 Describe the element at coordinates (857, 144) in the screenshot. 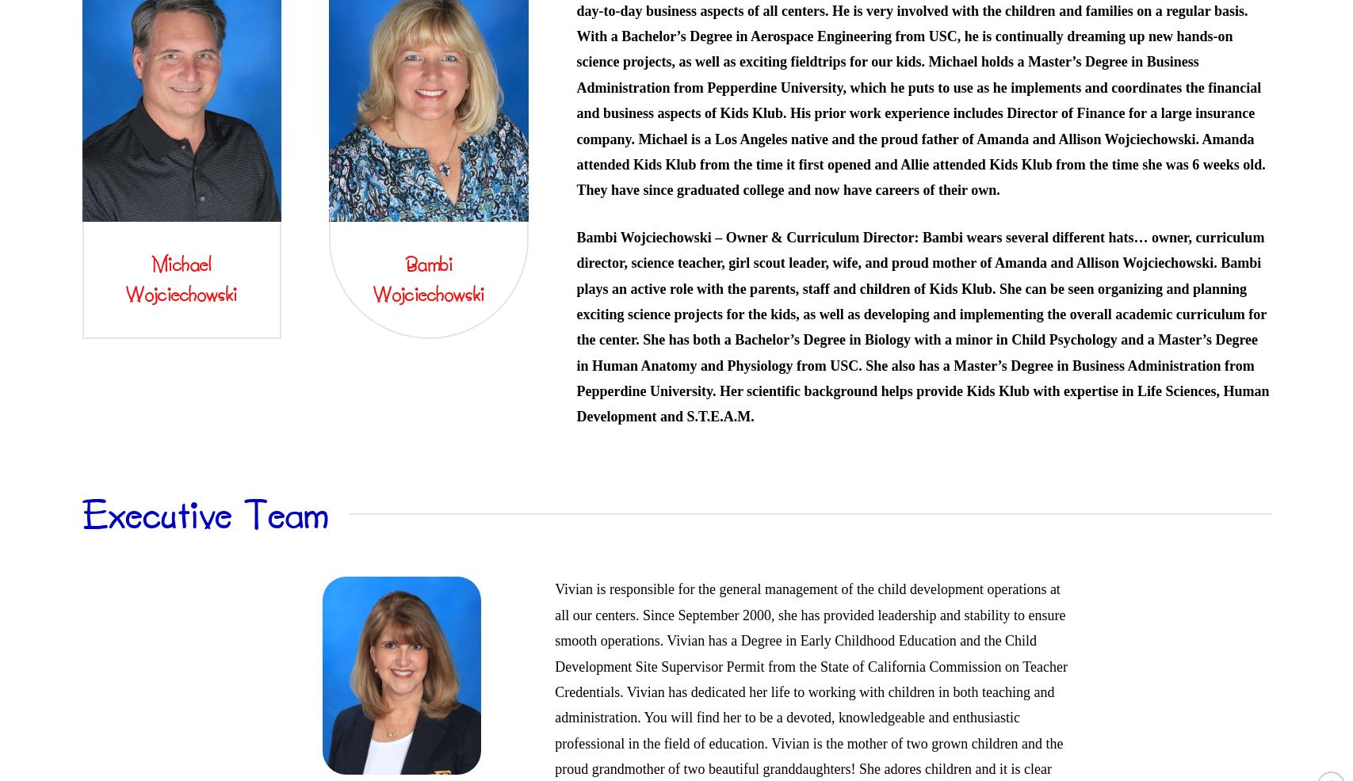

I see `'Fine Motor Skills'` at that location.